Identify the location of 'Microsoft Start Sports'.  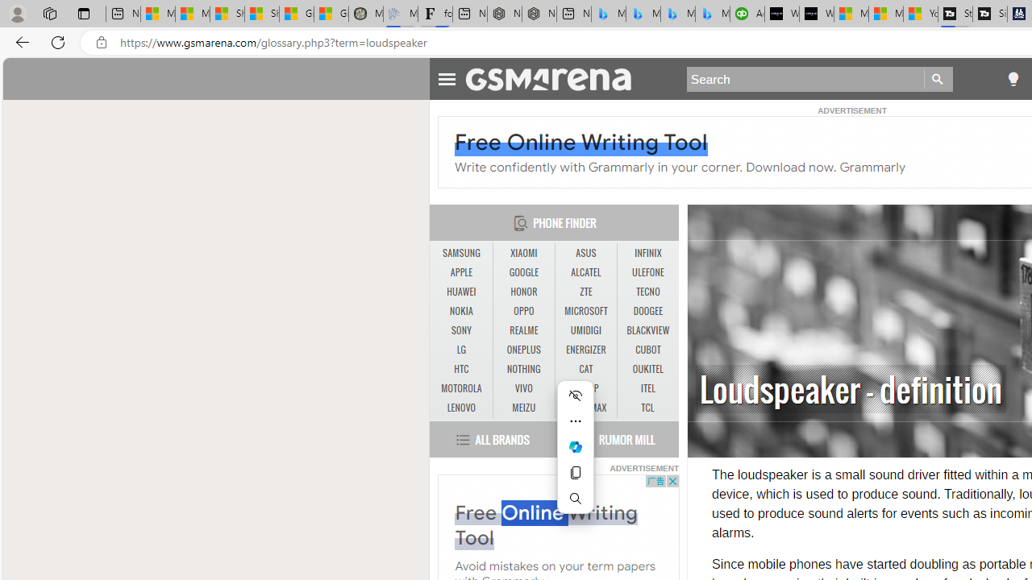
(851, 14).